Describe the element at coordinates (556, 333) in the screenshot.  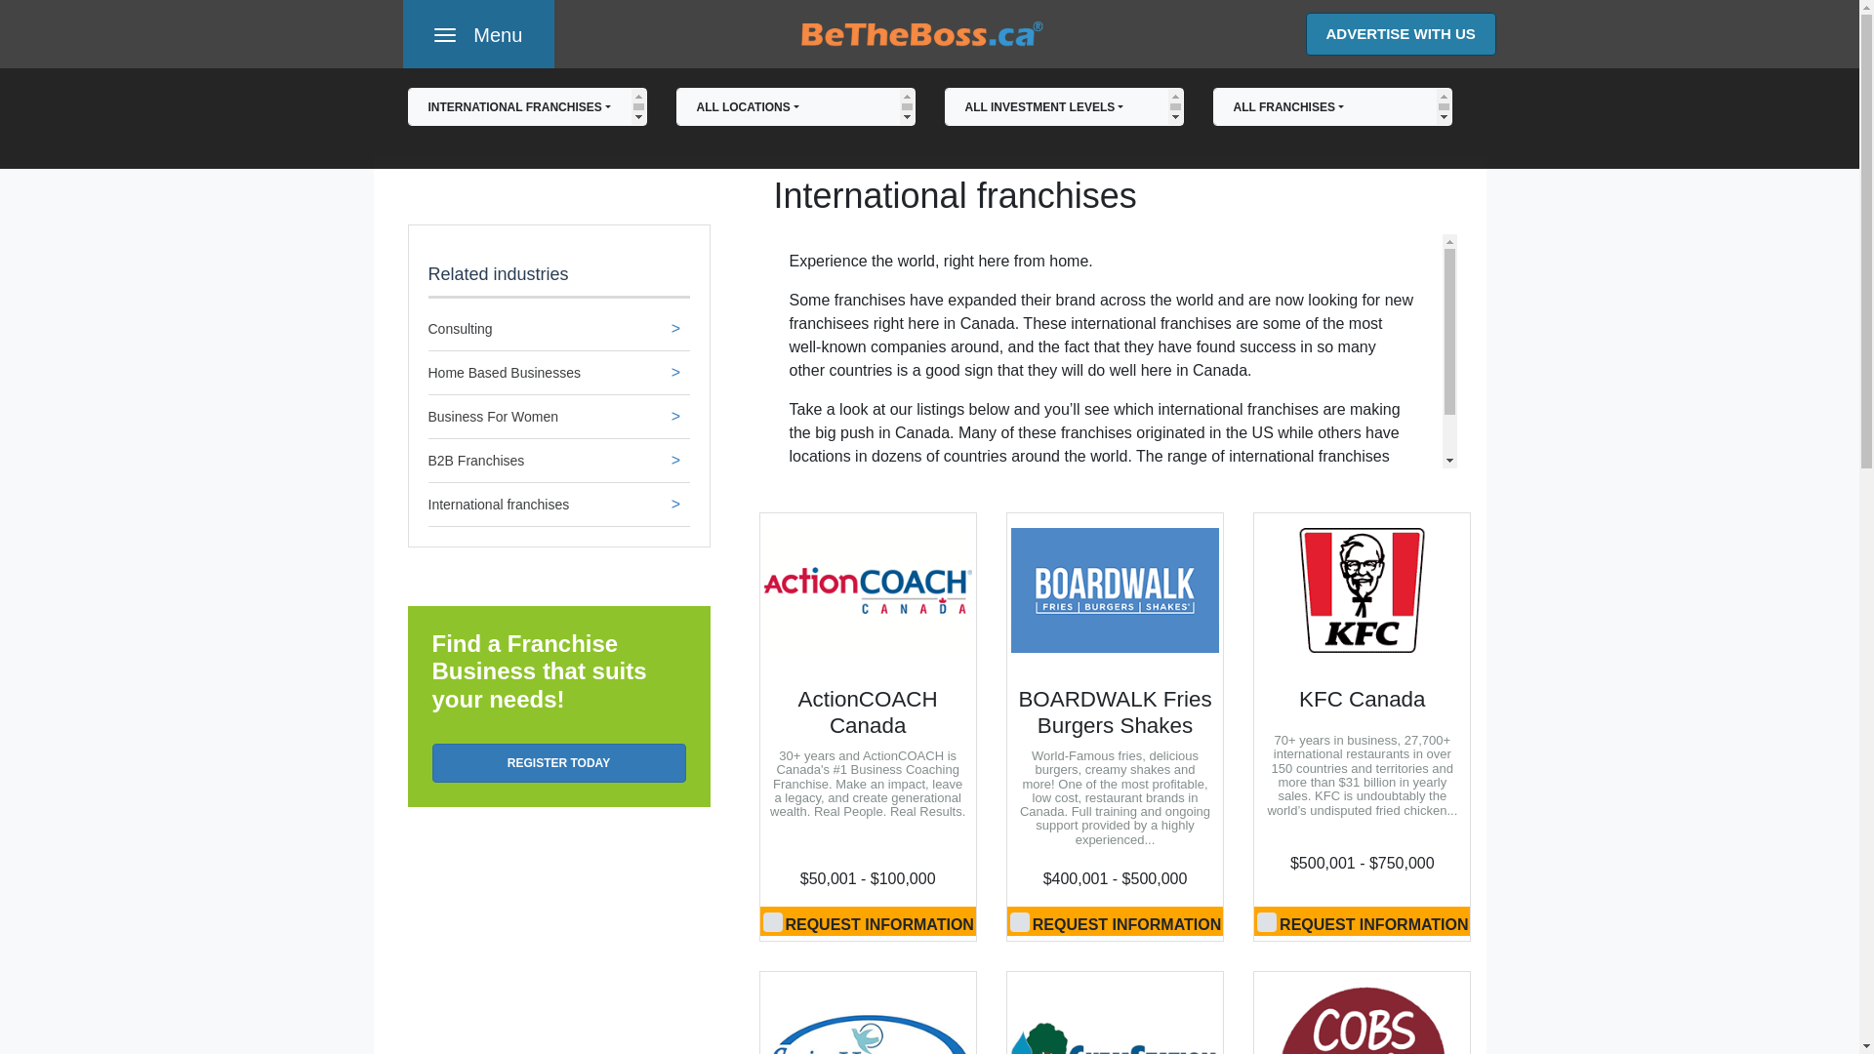
I see `'Consulting` at that location.